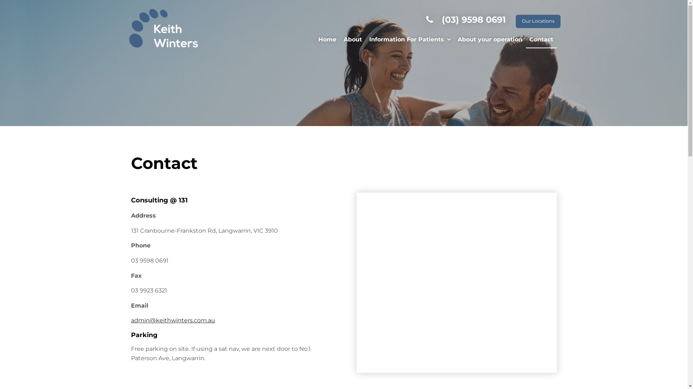  What do you see at coordinates (353, 40) in the screenshot?
I see `'About'` at bounding box center [353, 40].